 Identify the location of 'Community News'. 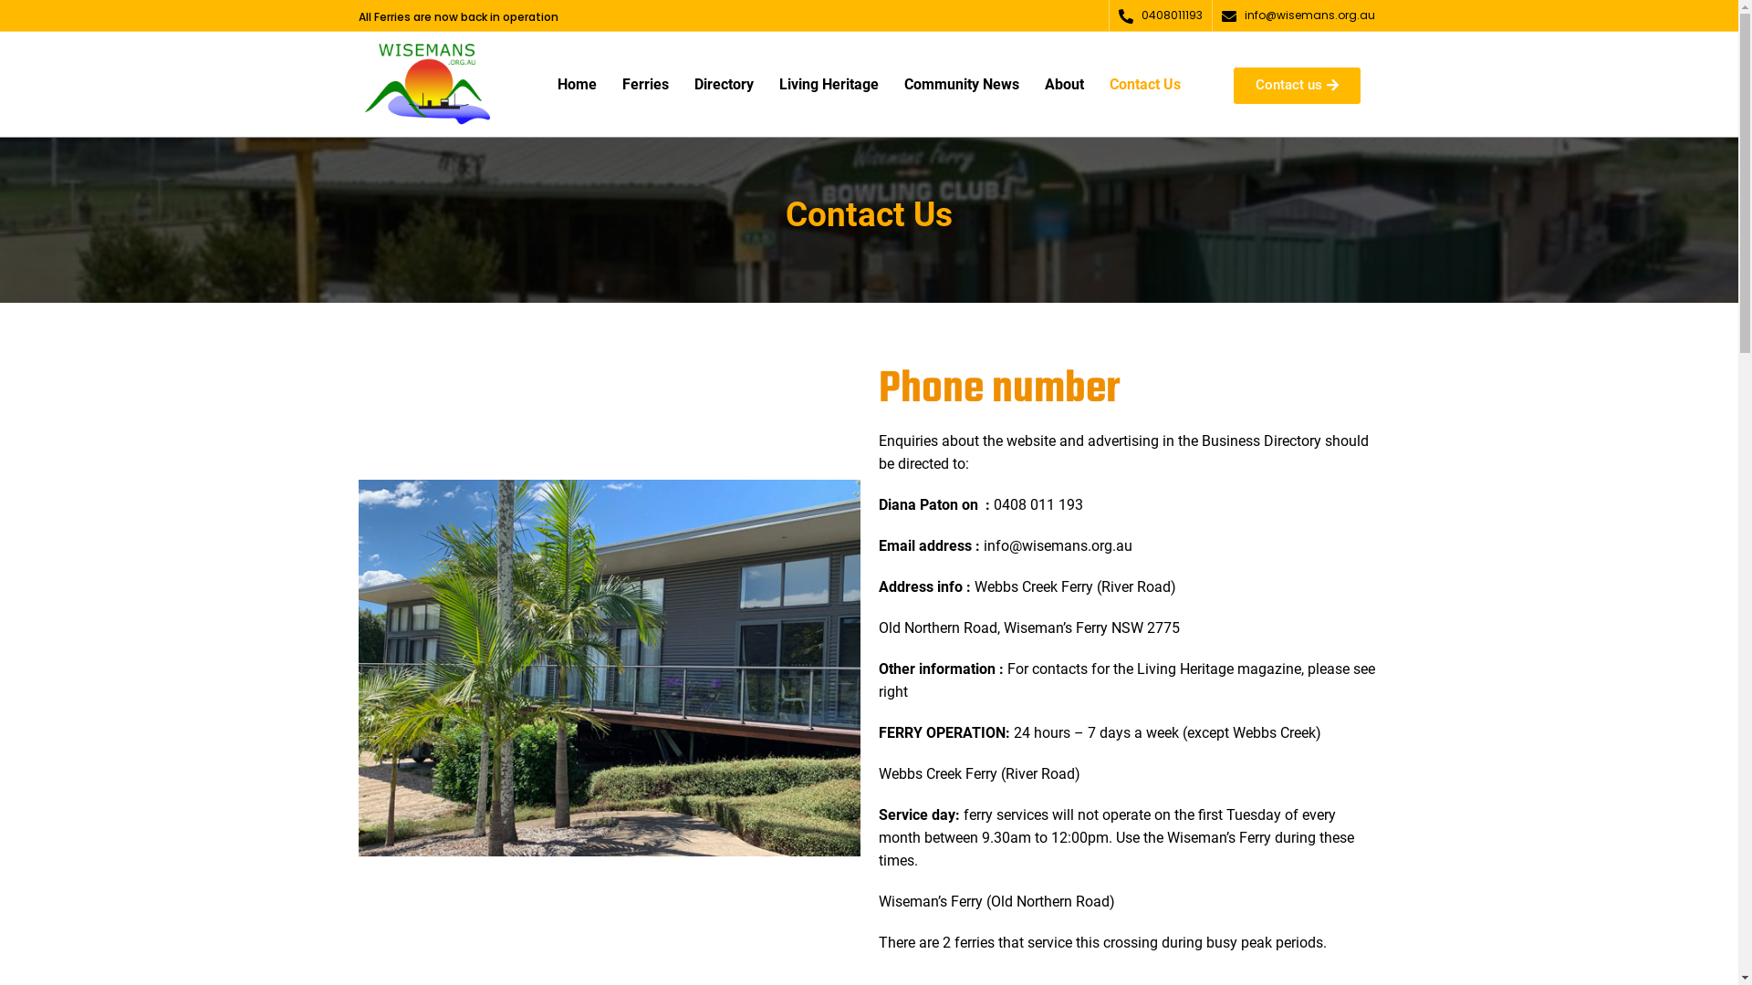
(892, 84).